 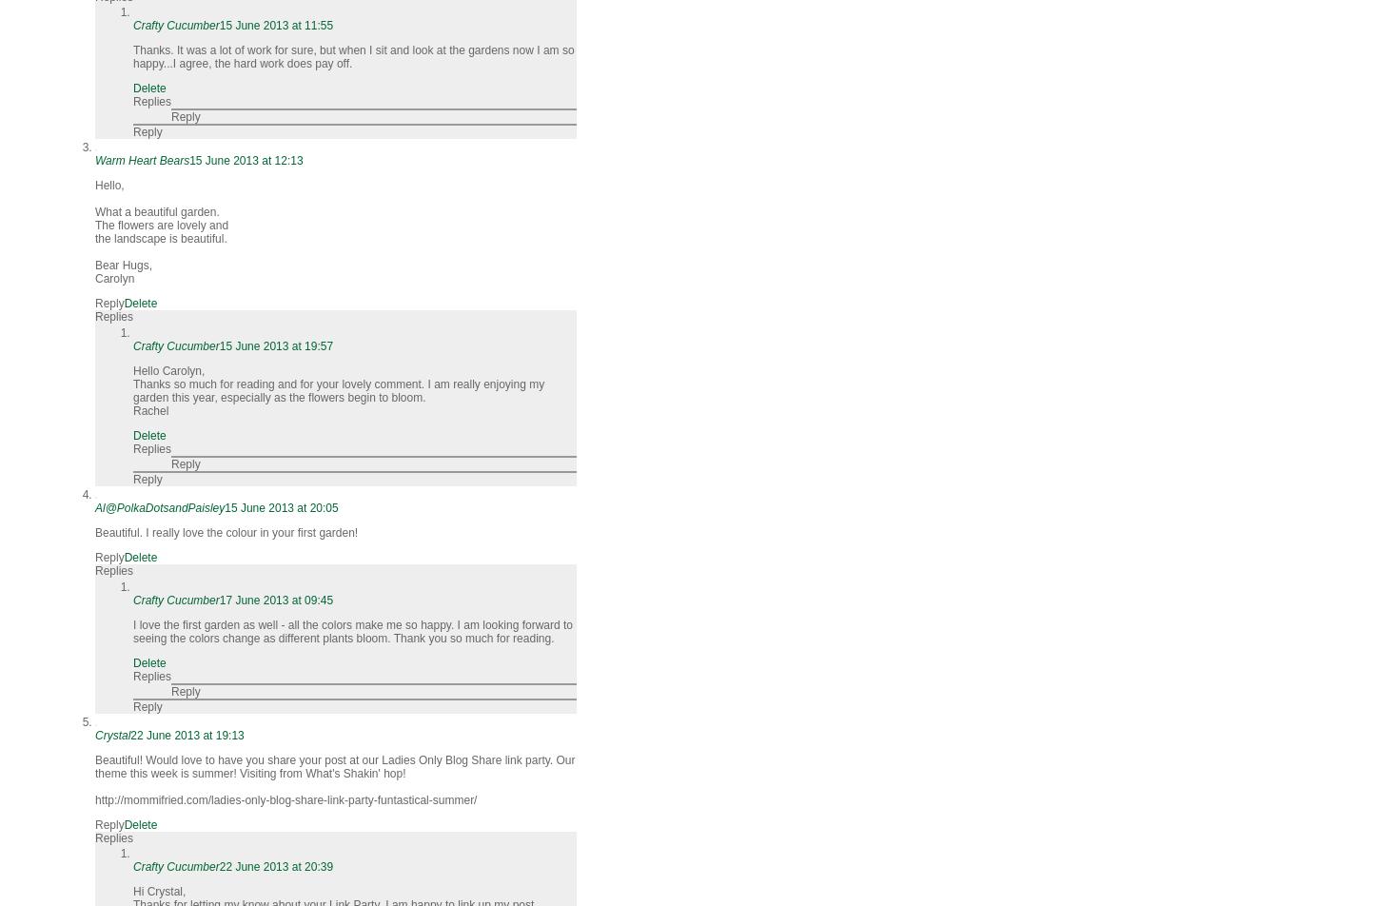 I want to click on 'Crystal', so click(x=94, y=736).